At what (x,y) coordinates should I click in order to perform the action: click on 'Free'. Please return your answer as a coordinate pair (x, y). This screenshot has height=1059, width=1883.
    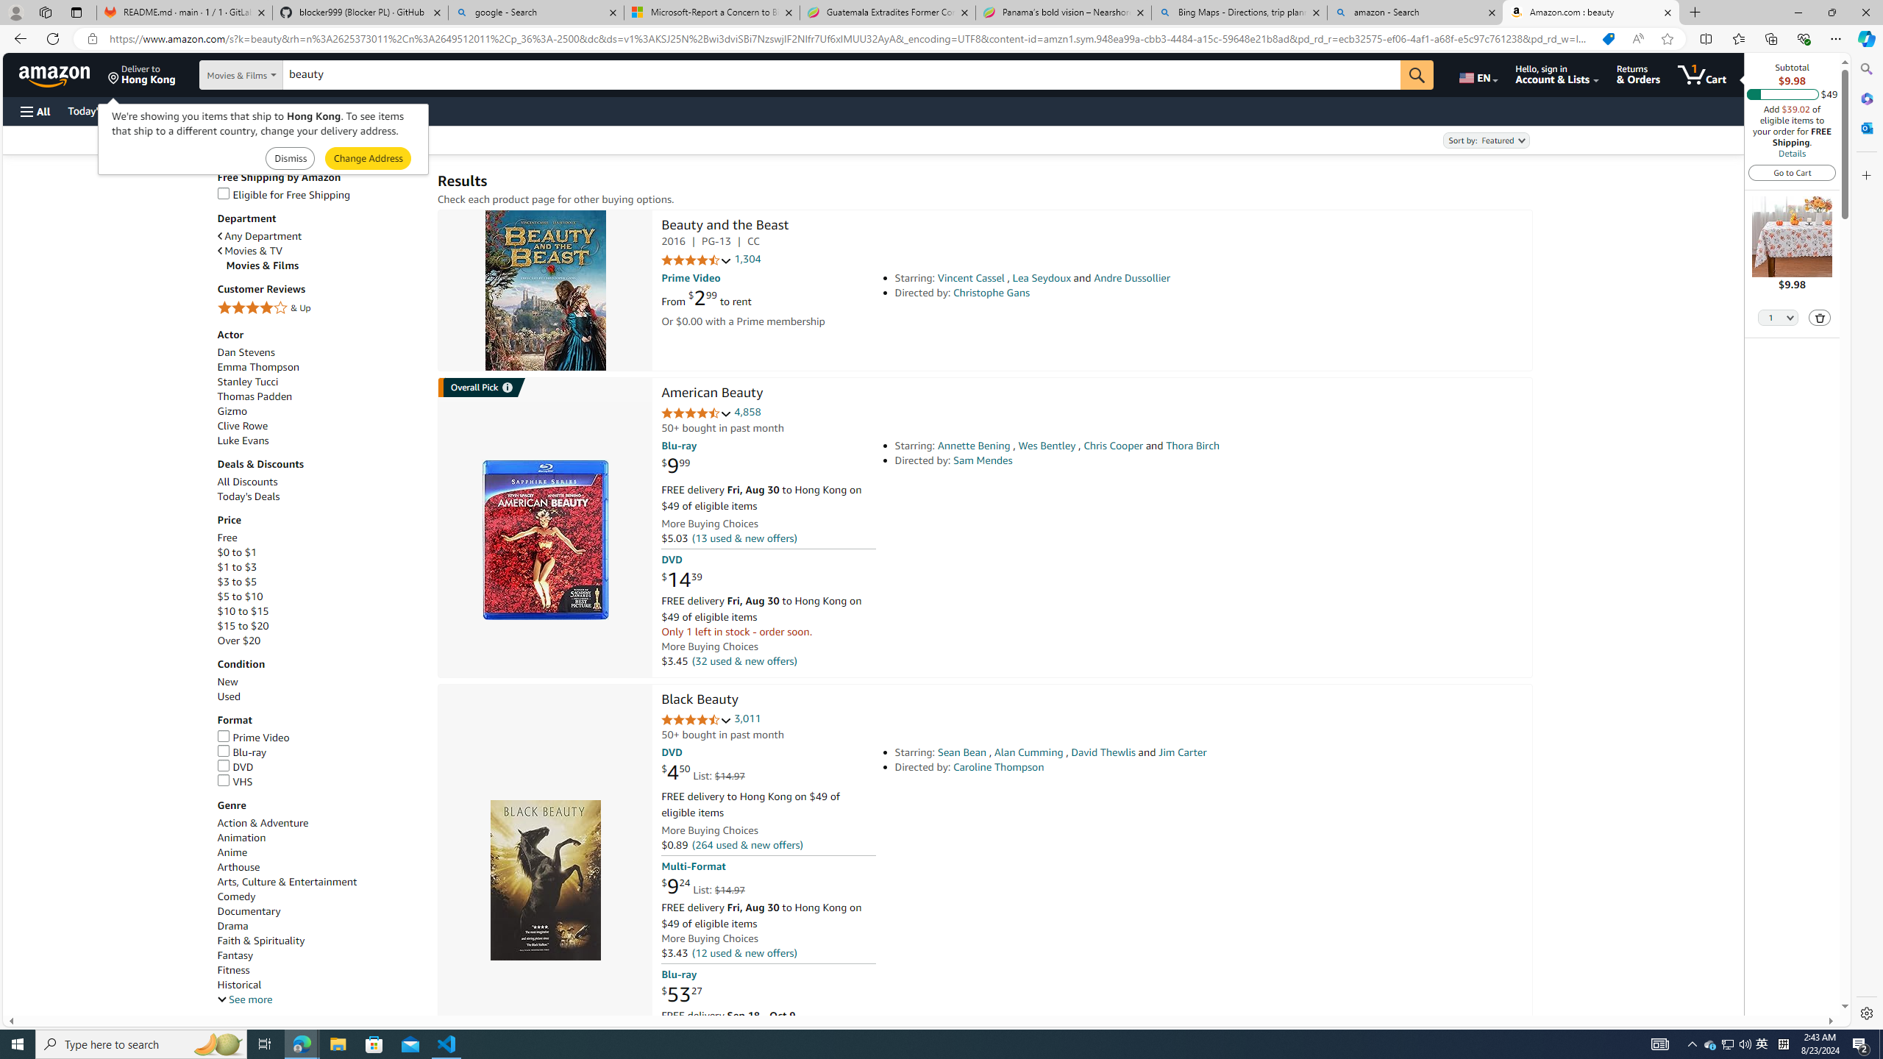
    Looking at the image, I should click on (226, 538).